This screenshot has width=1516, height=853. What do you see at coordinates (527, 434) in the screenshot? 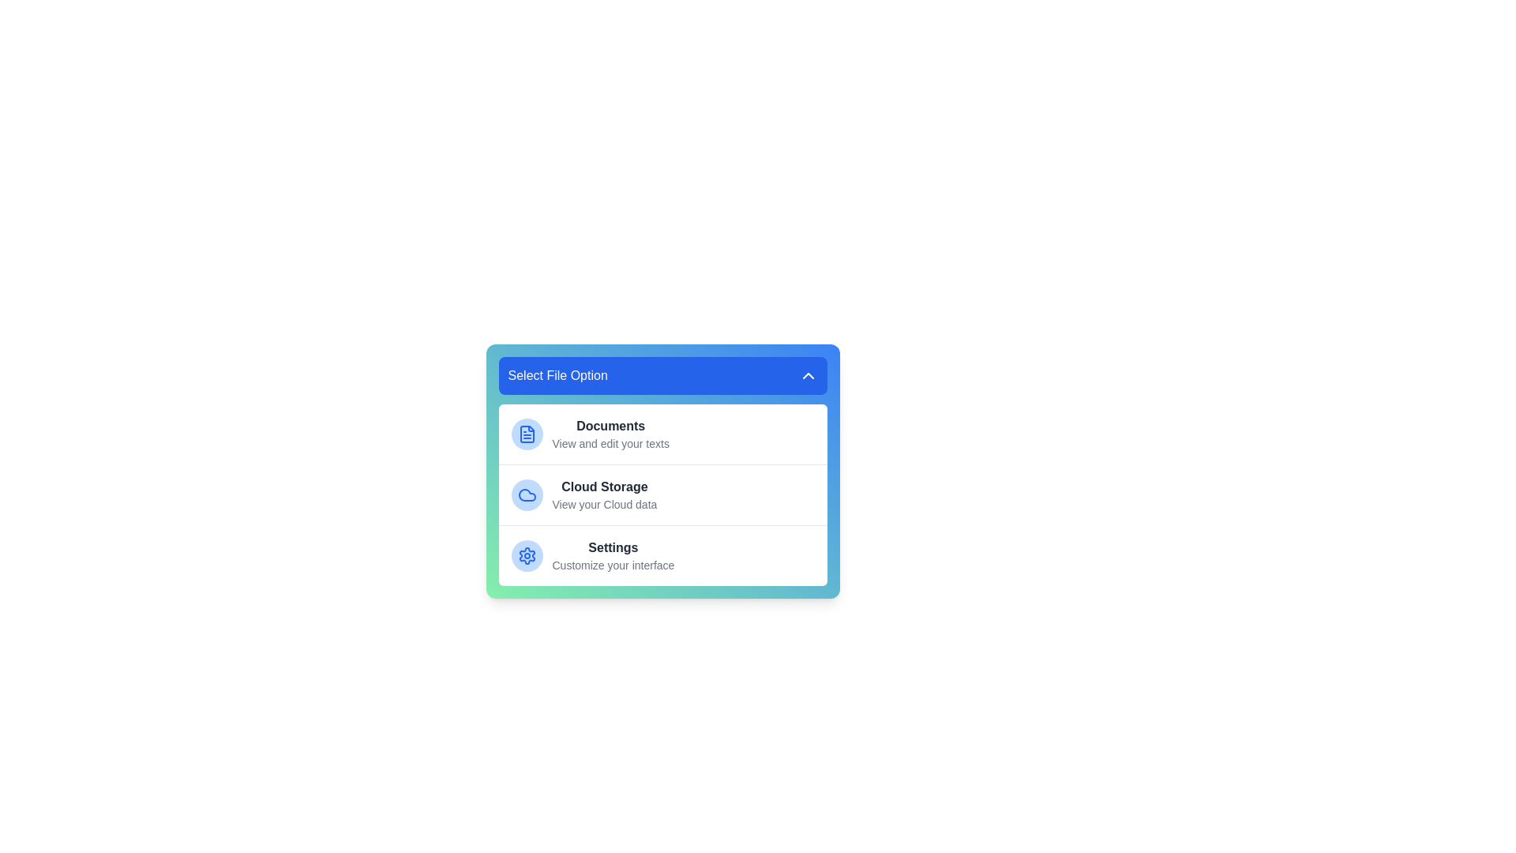
I see `the 'Documents' icon button located in the 'Select File Option' module` at bounding box center [527, 434].